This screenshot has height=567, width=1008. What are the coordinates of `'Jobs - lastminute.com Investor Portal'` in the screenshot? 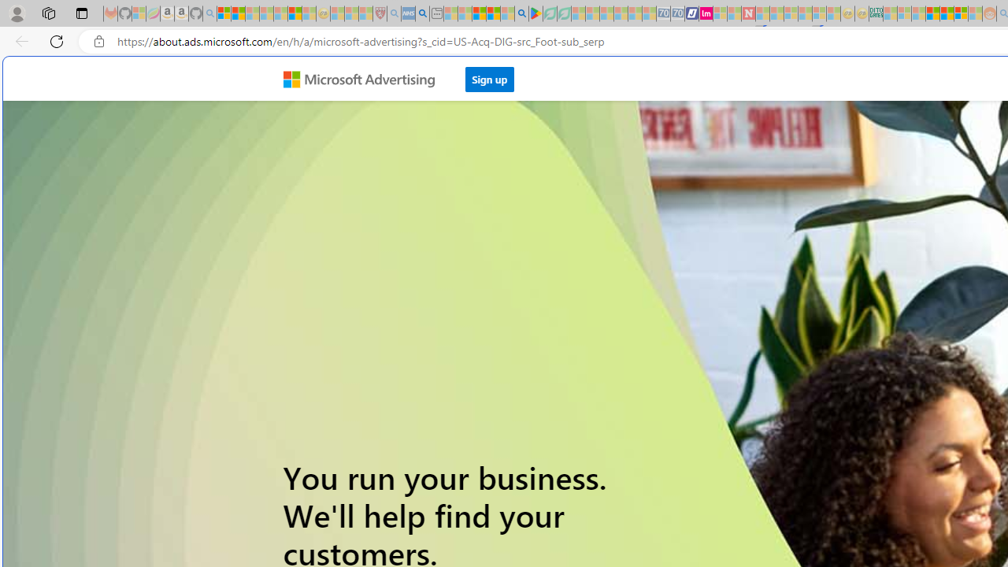 It's located at (705, 13).